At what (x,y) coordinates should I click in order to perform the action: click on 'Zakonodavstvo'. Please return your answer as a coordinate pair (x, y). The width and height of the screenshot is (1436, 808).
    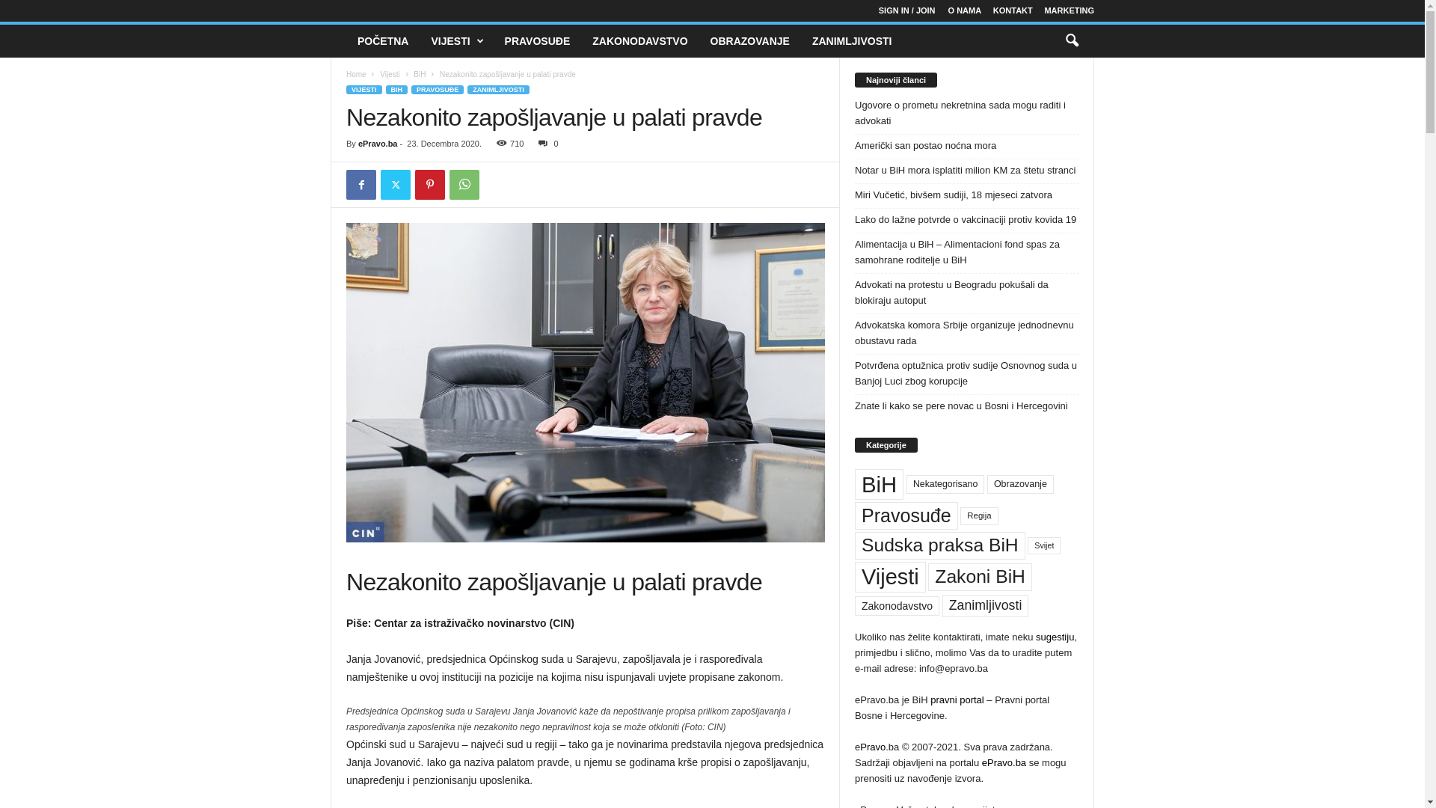
    Looking at the image, I should click on (897, 606).